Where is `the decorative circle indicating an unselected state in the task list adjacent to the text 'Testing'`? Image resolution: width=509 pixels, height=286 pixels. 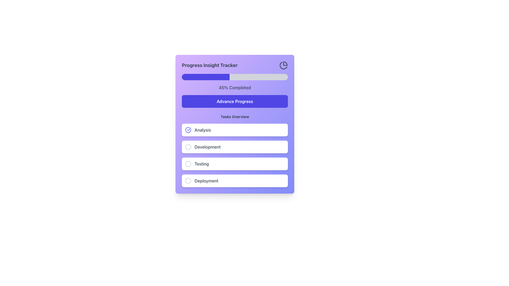 the decorative circle indicating an unselected state in the task list adjacent to the text 'Testing' is located at coordinates (188, 163).